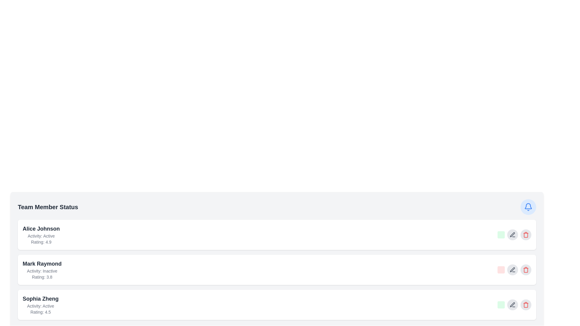 This screenshot has height=326, width=580. Describe the element at coordinates (41, 229) in the screenshot. I see `the text label displaying 'Alice Johnson', which is the primary heading of the card and is aligned to the left at the top of the card` at that location.